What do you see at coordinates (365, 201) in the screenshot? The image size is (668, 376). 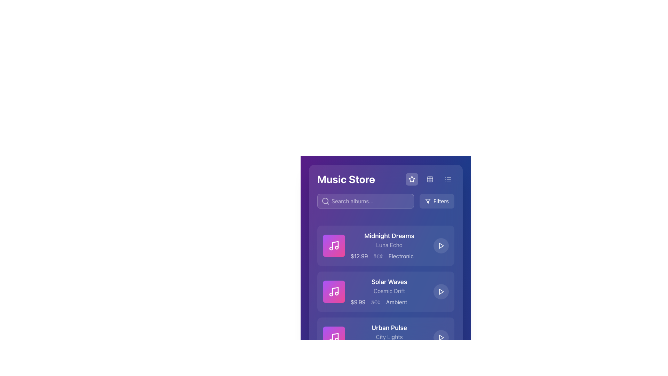 I see `the search input field with the placeholder 'Search albums...' to focus and start typing a query` at bounding box center [365, 201].